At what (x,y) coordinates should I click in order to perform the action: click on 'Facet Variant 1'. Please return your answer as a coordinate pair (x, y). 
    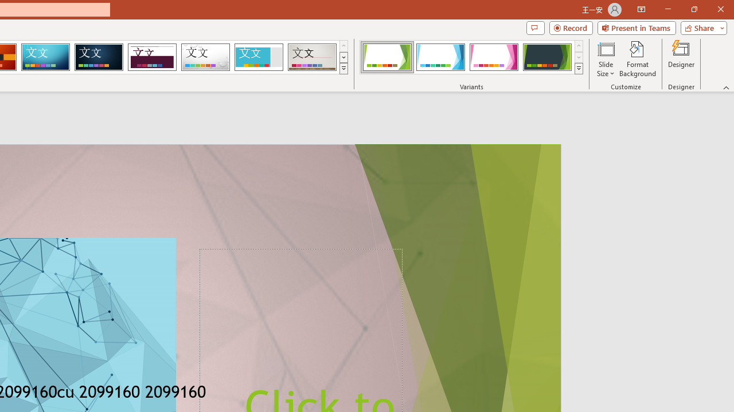
    Looking at the image, I should click on (387, 57).